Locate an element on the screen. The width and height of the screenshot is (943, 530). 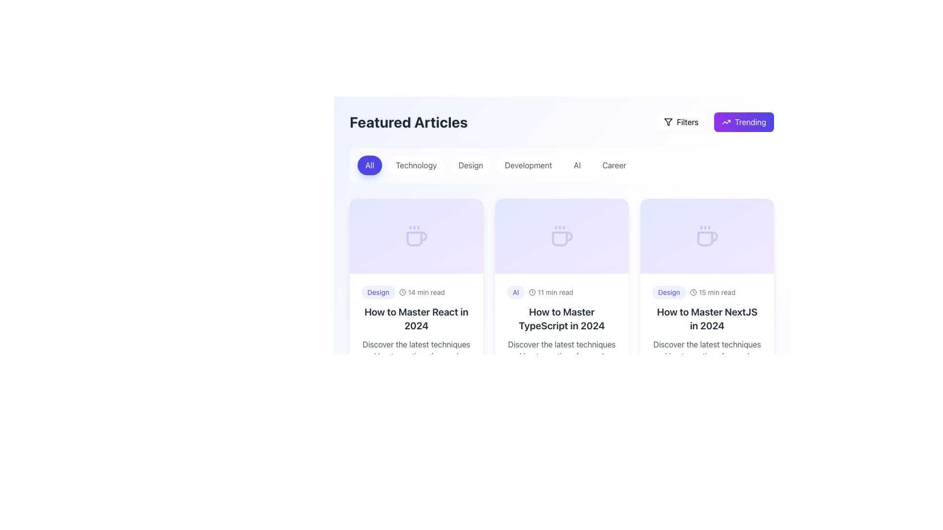
the 'Filters' button located in the top-right corner of the interface is located at coordinates (687, 122).